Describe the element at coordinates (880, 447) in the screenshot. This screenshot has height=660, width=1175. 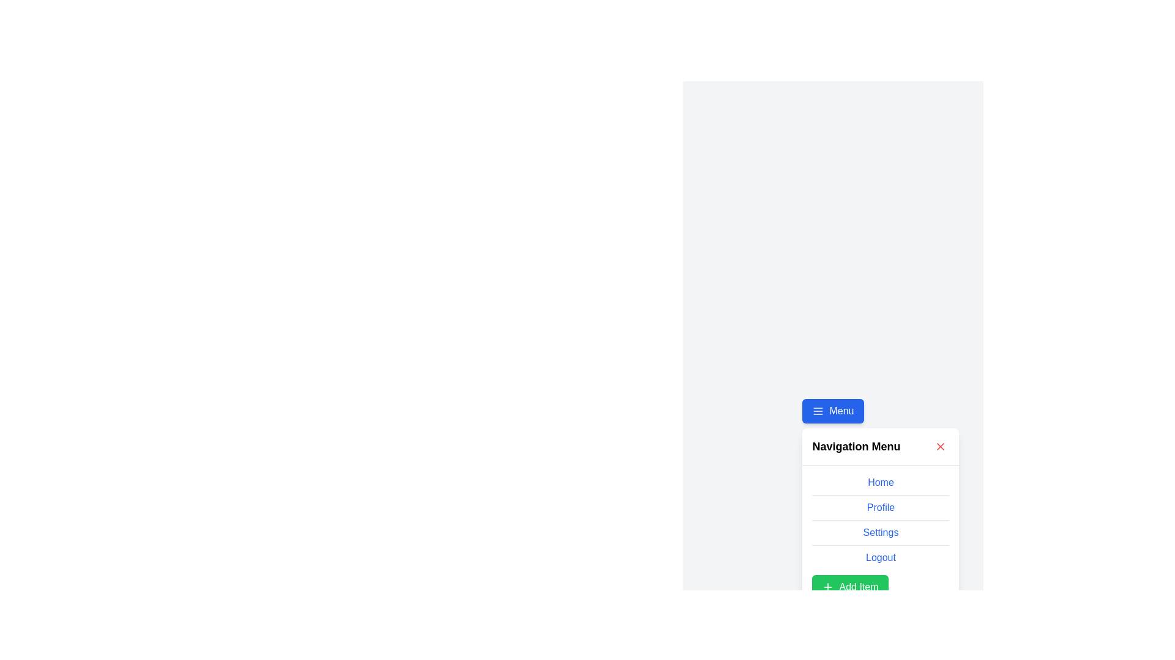
I see `the 'Navigation Menu' header with close button` at that location.